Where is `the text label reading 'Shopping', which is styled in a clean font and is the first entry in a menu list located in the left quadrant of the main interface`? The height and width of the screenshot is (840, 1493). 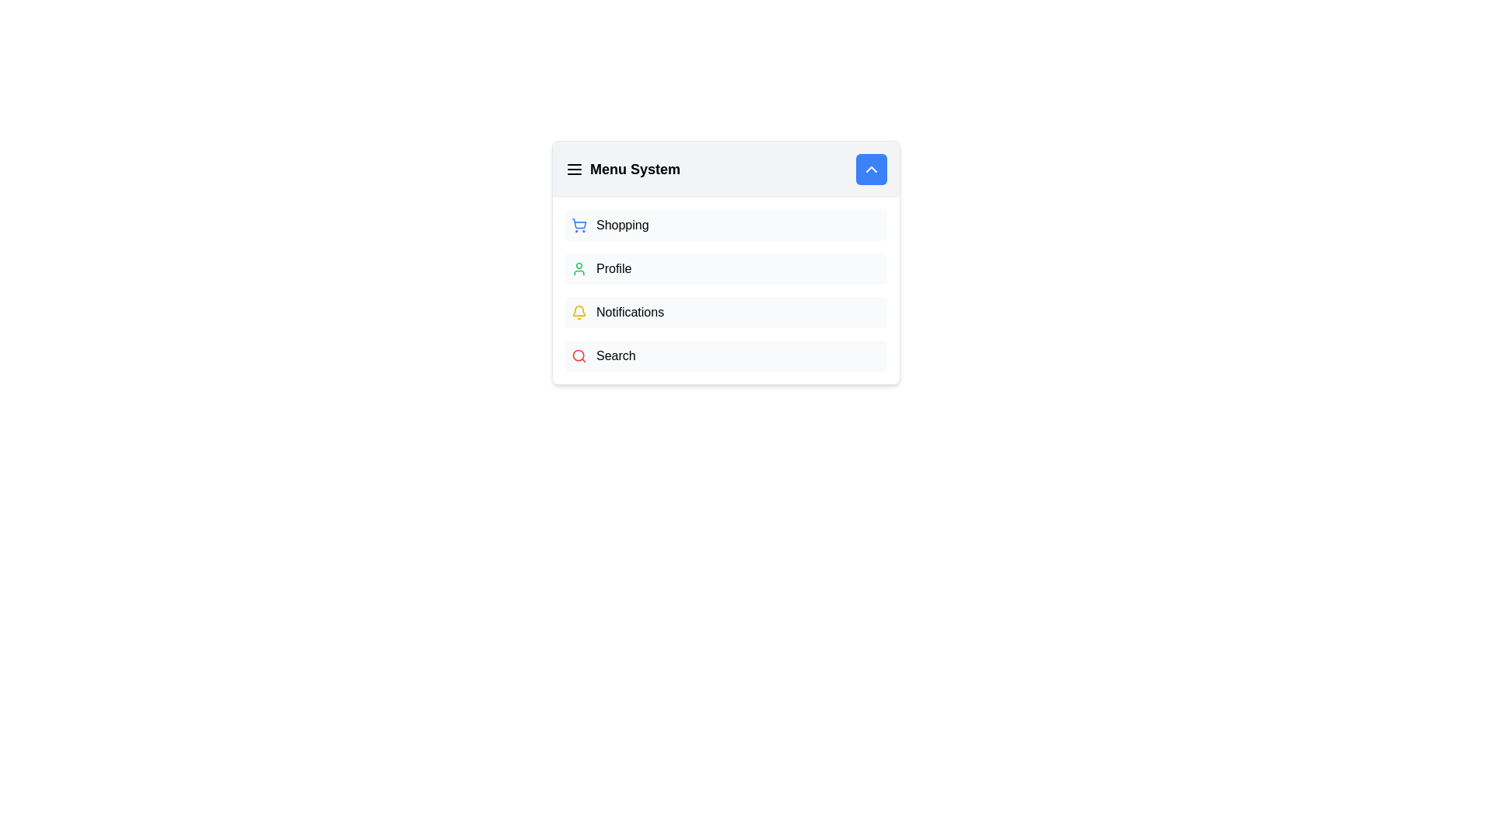
the text label reading 'Shopping', which is styled in a clean font and is the first entry in a menu list located in the left quadrant of the main interface is located at coordinates (622, 225).